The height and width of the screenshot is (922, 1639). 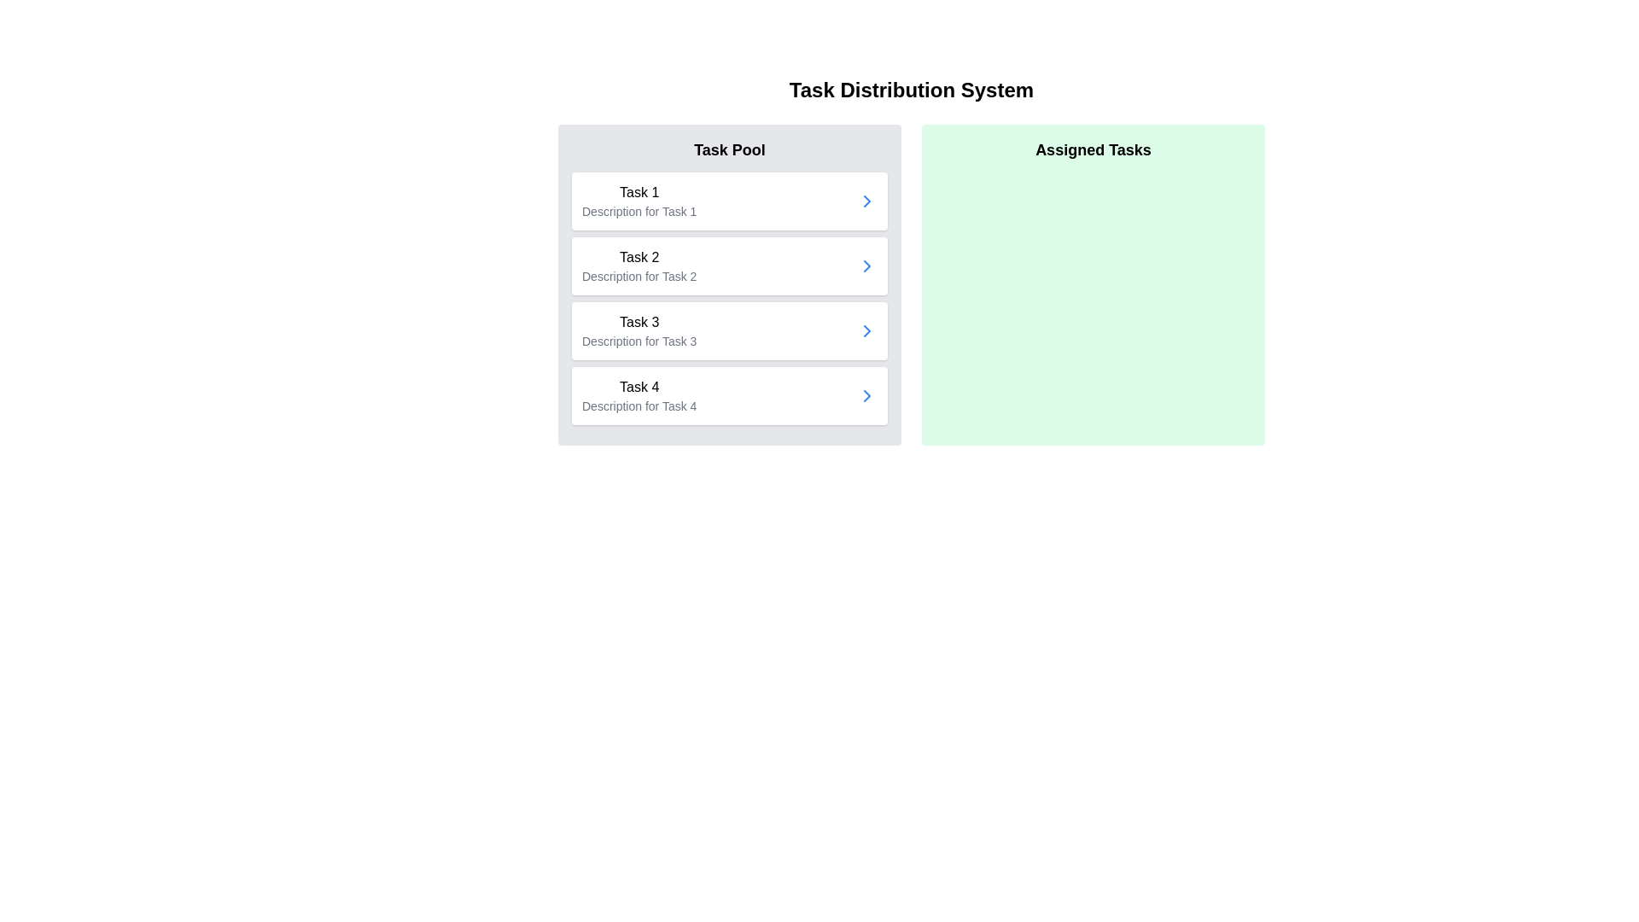 What do you see at coordinates (639, 341) in the screenshot?
I see `the textual label reading 'Description for Task 3' located beneath the heading 'Task 3' in the 'Task Pool' section` at bounding box center [639, 341].